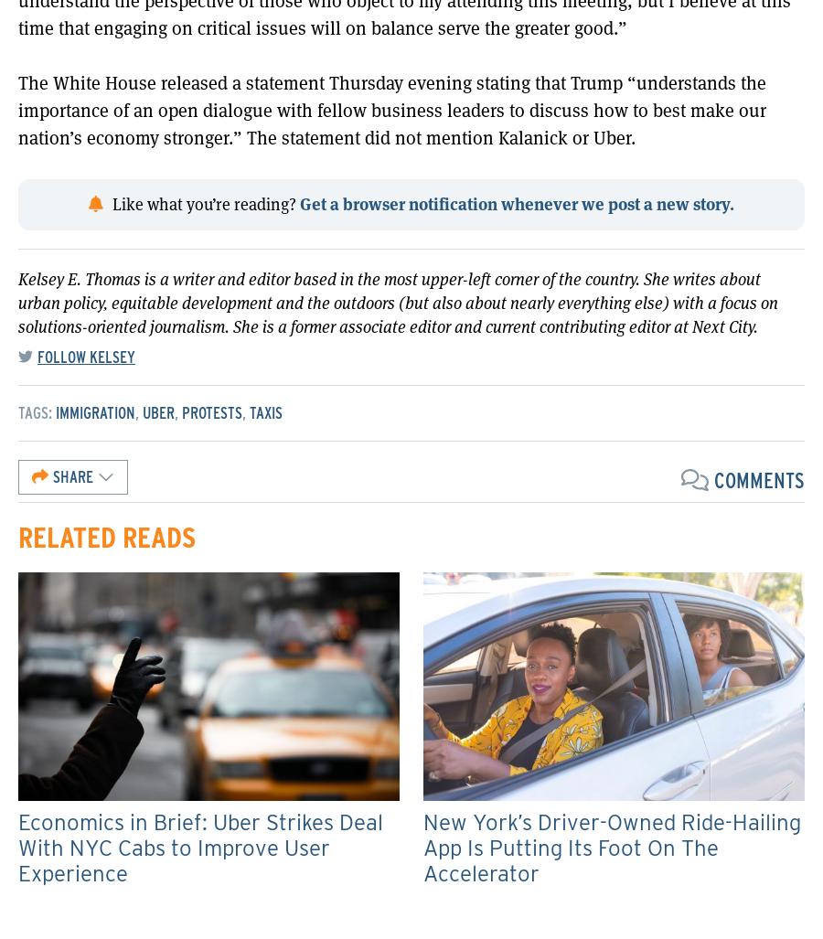 This screenshot has height=939, width=823. Describe the element at coordinates (205, 203) in the screenshot. I see `'Like what you’re reading?'` at that location.